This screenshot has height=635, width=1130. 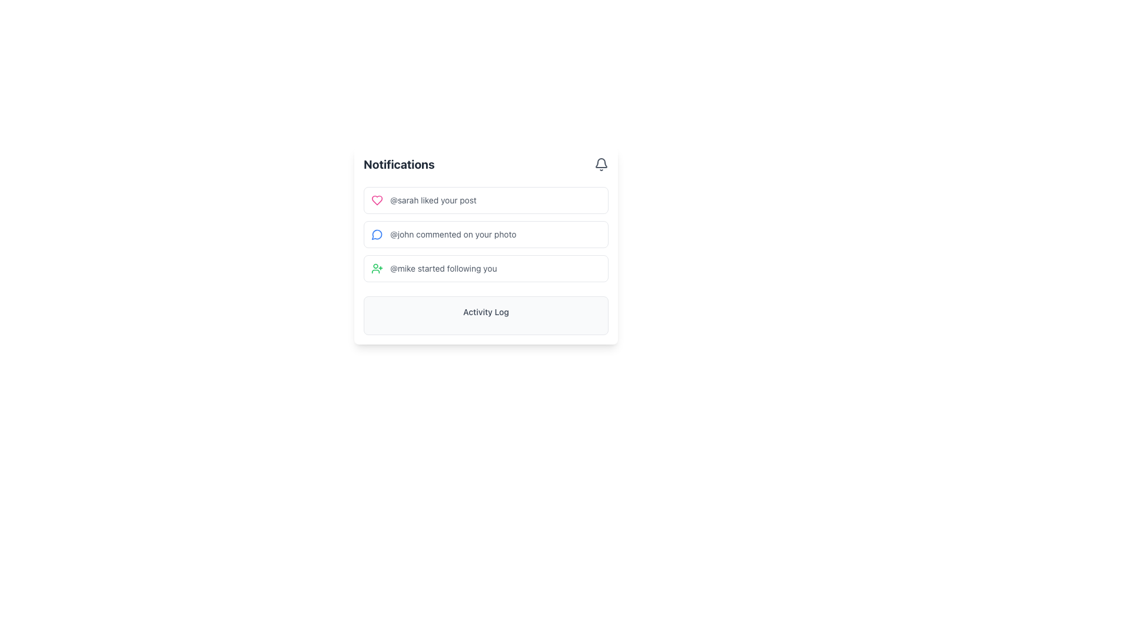 What do you see at coordinates (601, 165) in the screenshot?
I see `the bell-shaped notification icon located at the top-right corner of the 'Notifications' header box` at bounding box center [601, 165].